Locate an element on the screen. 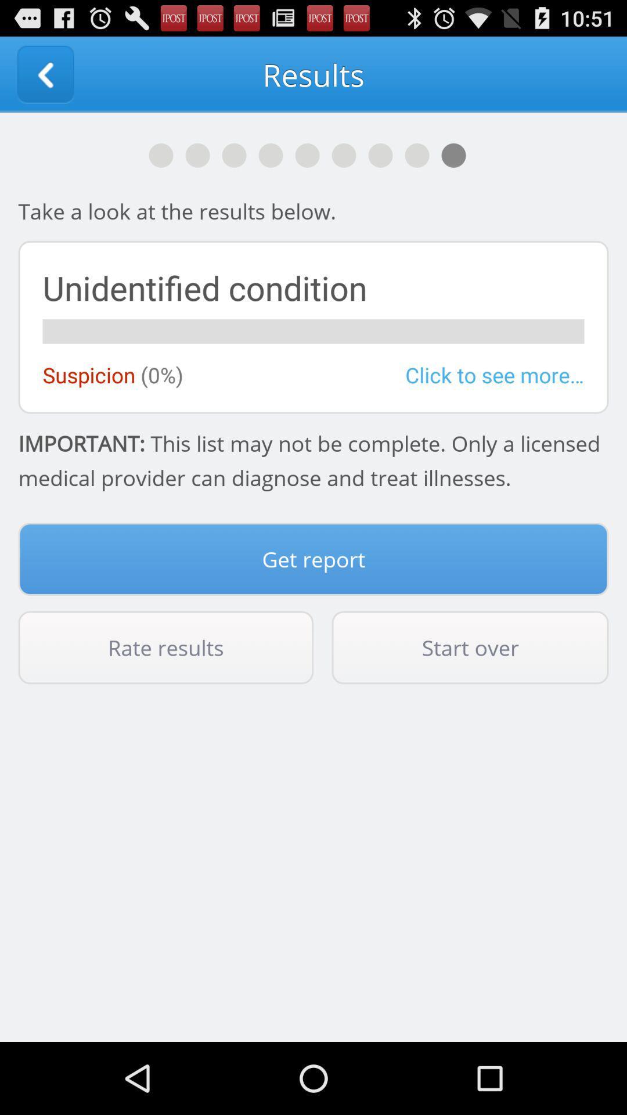  previous page is located at coordinates (45, 74).